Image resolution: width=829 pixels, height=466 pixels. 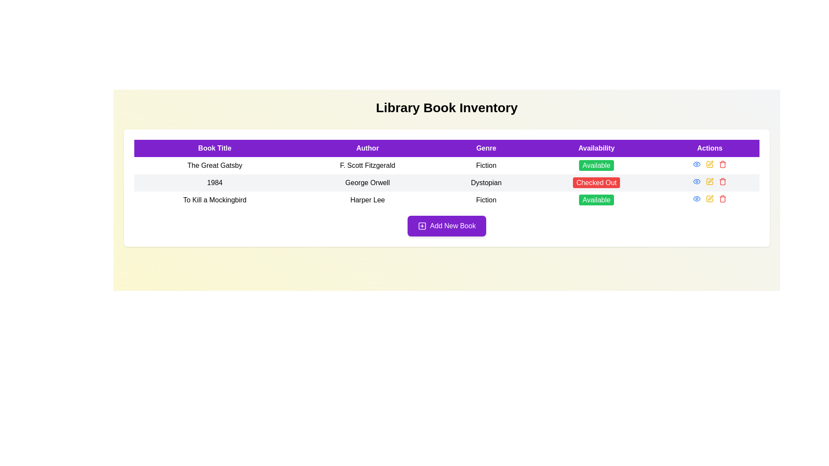 What do you see at coordinates (710, 181) in the screenshot?
I see `the interactive edit button for the book titled '1984' located in the 'Actions' column of the second row in the table` at bounding box center [710, 181].